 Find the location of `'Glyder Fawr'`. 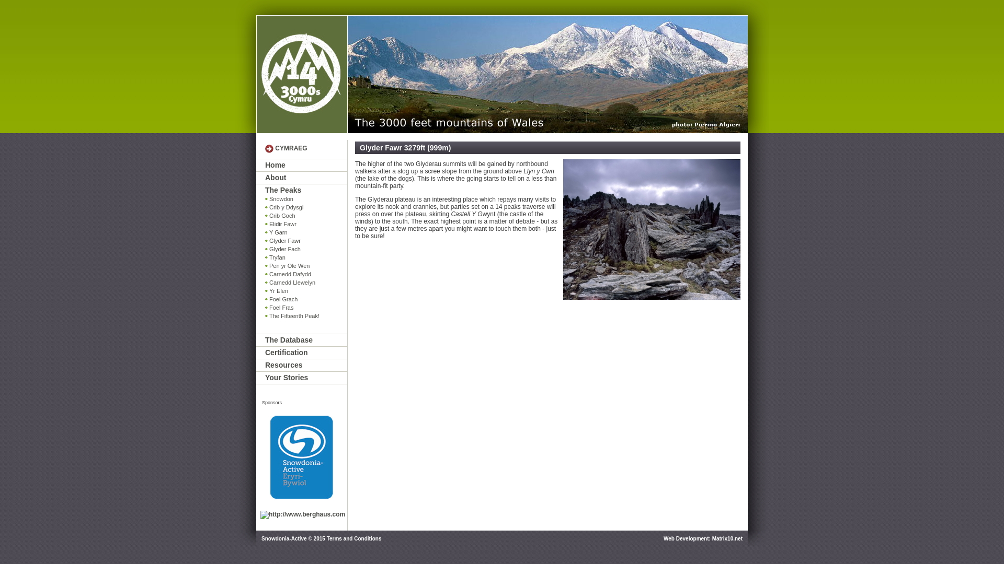

'Glyder Fawr' is located at coordinates (265, 241).